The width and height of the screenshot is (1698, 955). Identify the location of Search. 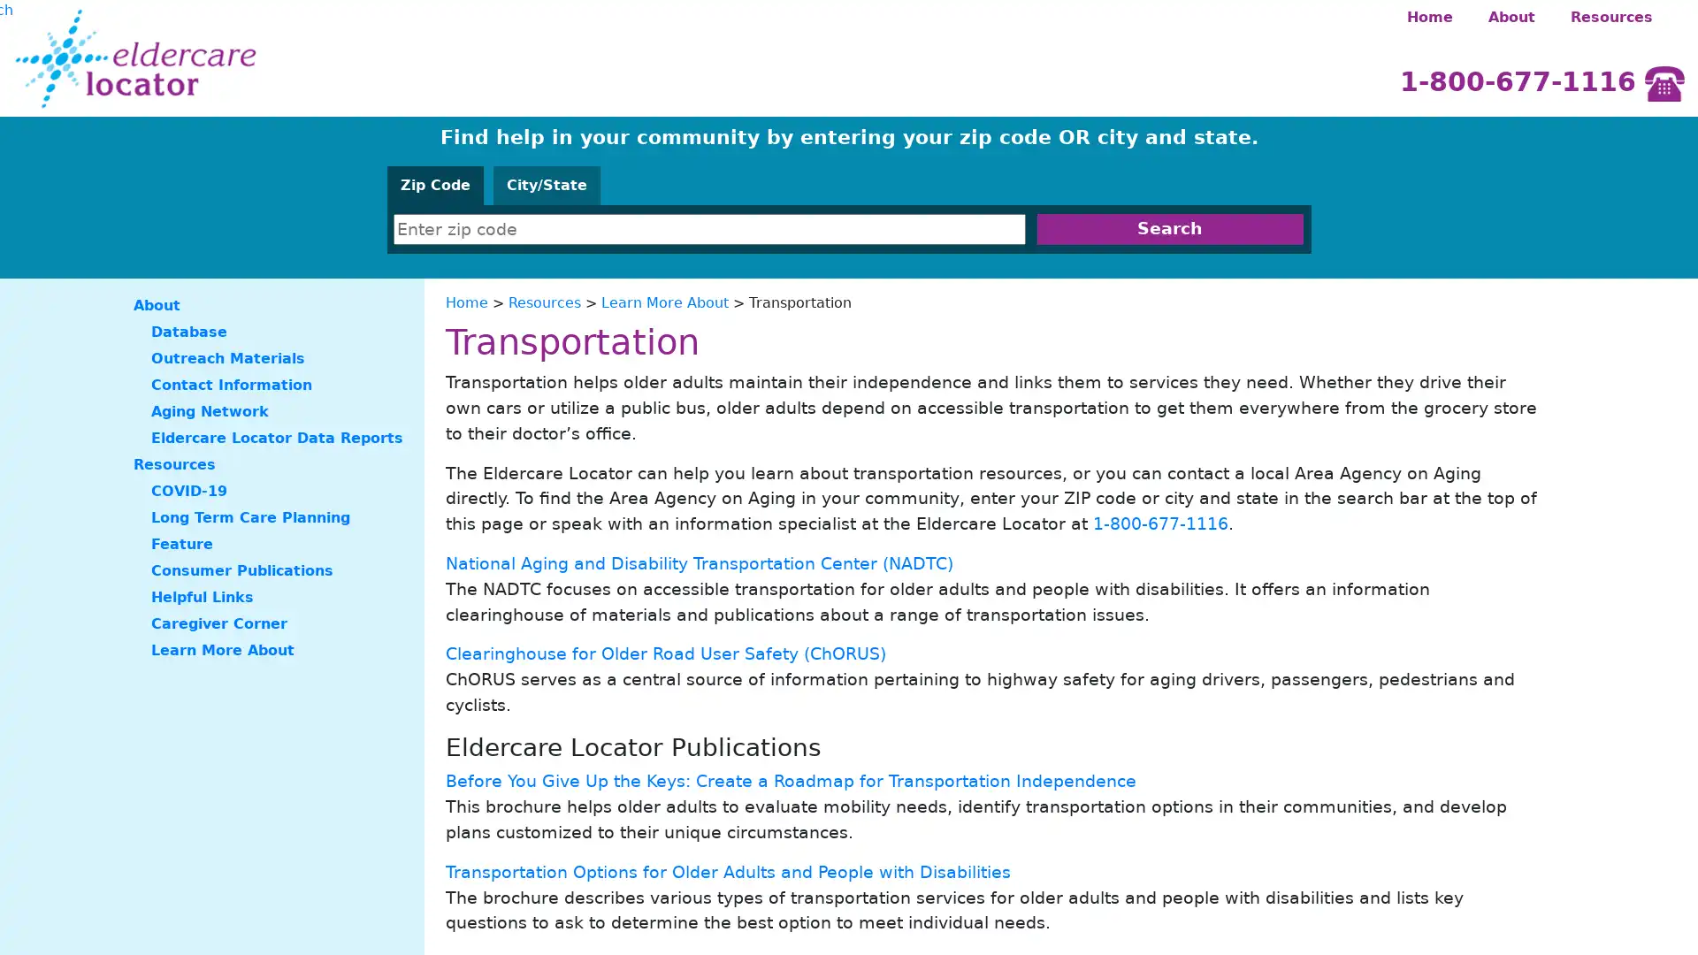
(1169, 228).